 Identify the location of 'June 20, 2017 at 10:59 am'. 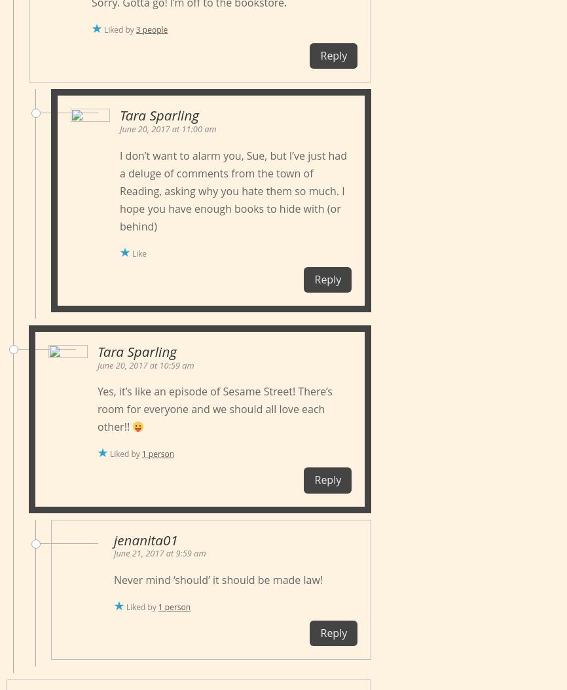
(145, 365).